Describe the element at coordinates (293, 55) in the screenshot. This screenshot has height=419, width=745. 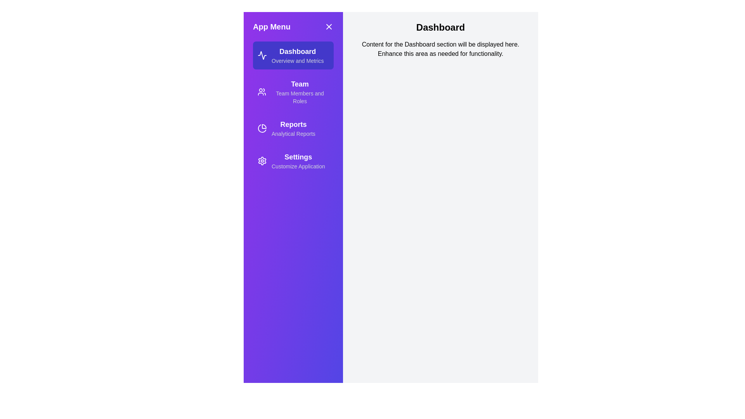
I see `the section Dashboard from the menu` at that location.